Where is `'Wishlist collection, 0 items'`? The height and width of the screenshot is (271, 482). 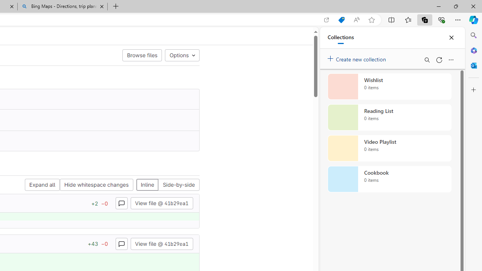 'Wishlist collection, 0 items' is located at coordinates (389, 86).